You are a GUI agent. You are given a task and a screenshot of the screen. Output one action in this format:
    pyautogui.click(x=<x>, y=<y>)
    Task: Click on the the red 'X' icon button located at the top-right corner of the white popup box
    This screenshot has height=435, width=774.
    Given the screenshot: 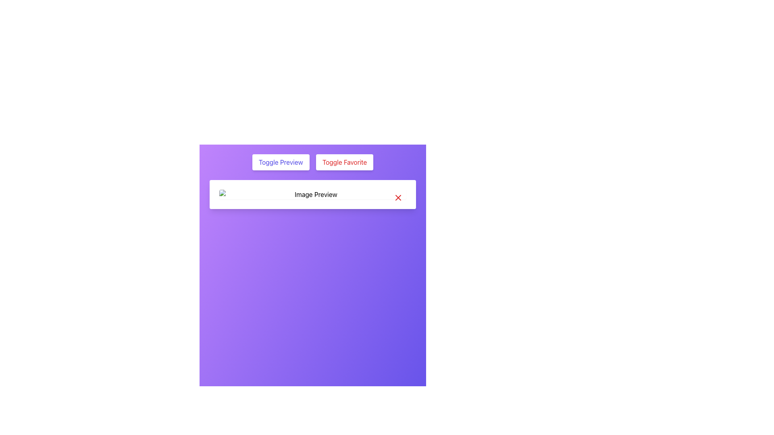 What is the action you would take?
    pyautogui.click(x=398, y=197)
    